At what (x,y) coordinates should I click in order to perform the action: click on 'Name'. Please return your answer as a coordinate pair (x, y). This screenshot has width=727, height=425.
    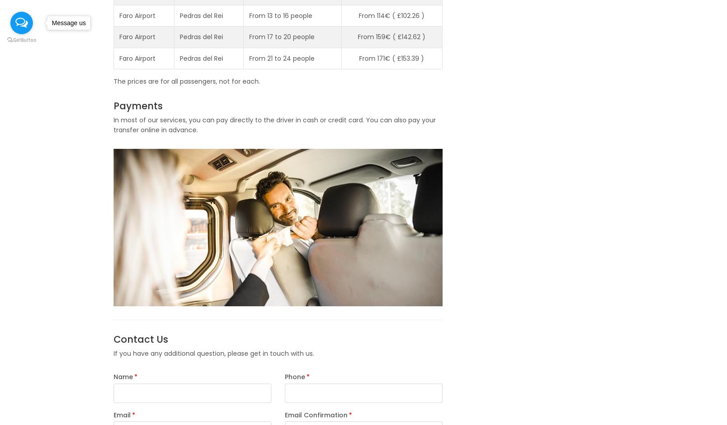
    Looking at the image, I should click on (122, 377).